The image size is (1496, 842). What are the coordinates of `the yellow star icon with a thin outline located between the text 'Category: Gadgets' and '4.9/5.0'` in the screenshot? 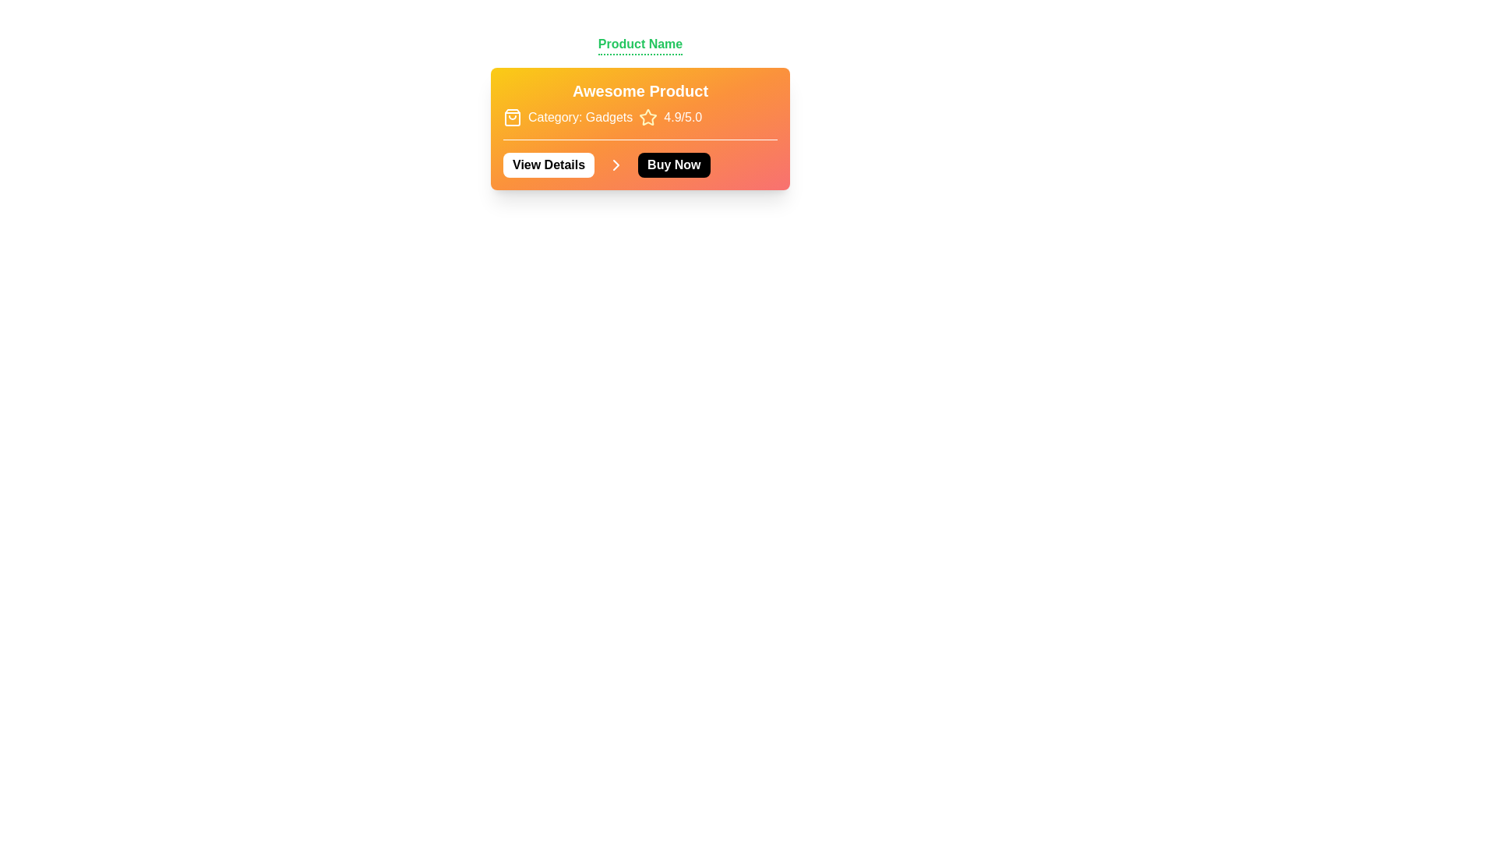 It's located at (647, 116).